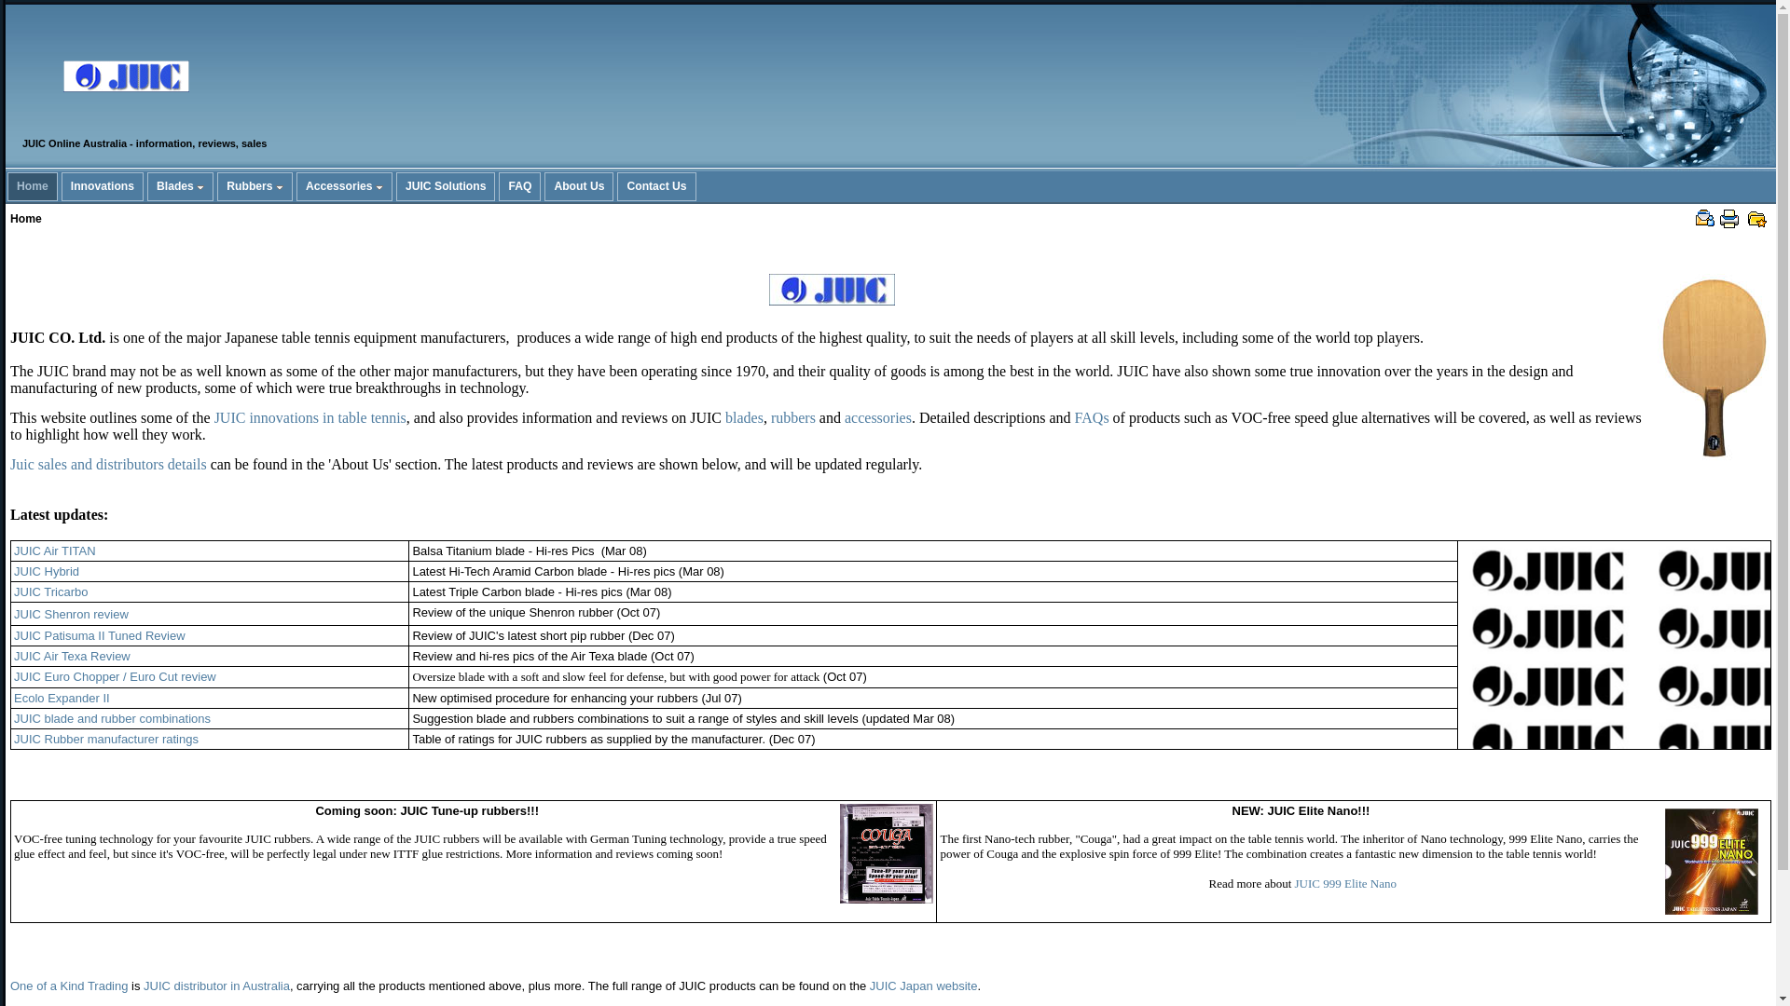 The image size is (1790, 1006). I want to click on 'About Us', so click(544, 186).